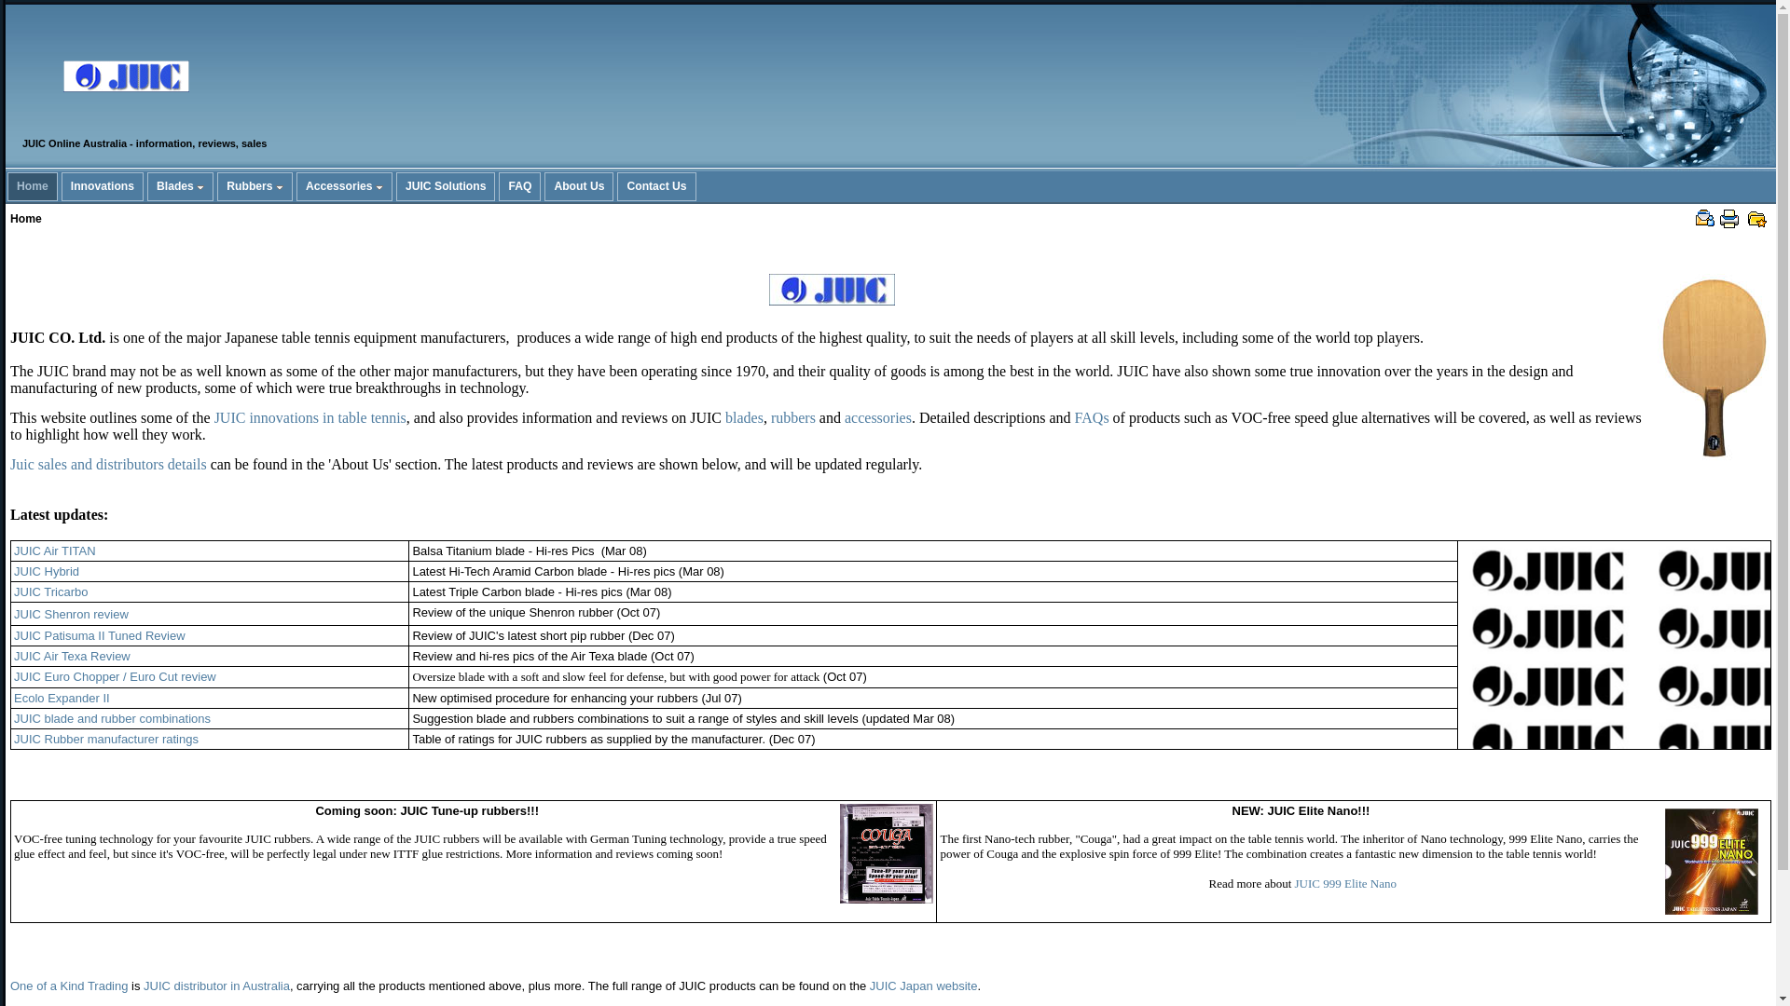 The image size is (1790, 1006). I want to click on 'About Us', so click(544, 186).